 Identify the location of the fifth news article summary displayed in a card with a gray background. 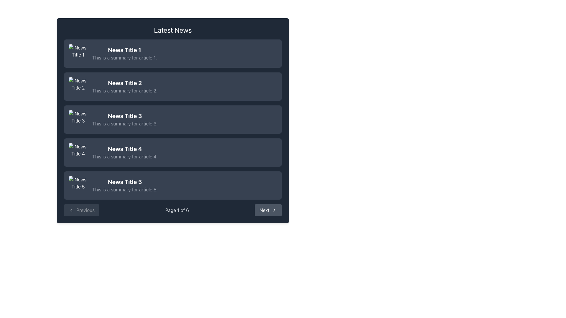
(124, 185).